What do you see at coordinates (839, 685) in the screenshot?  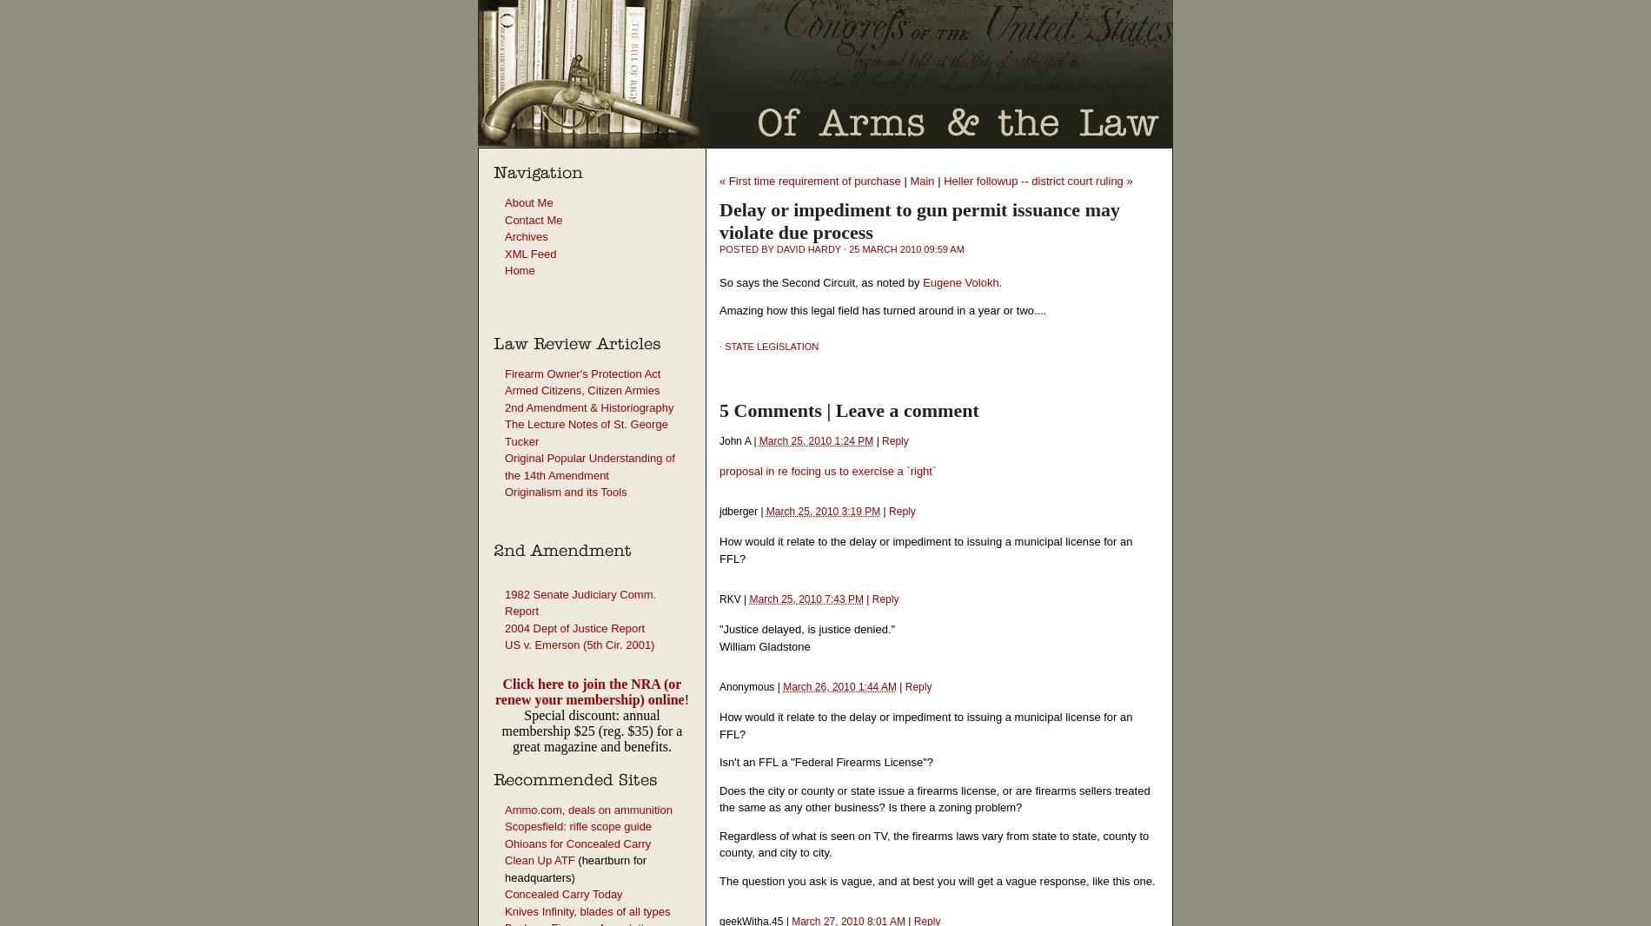 I see `'March 26, 2010  1:44 AM'` at bounding box center [839, 685].